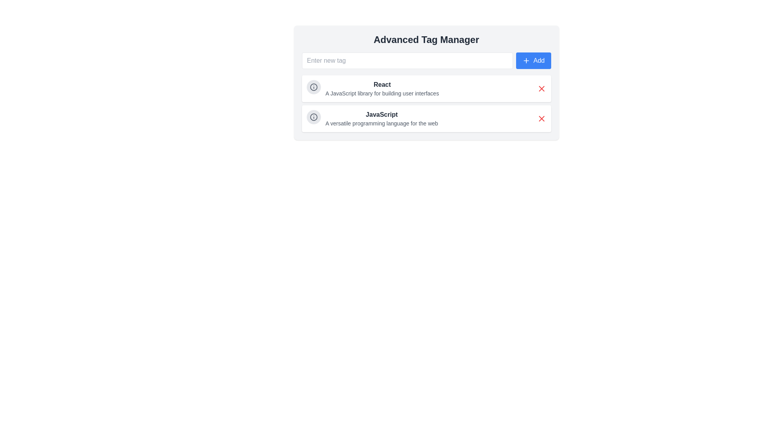 This screenshot has width=757, height=426. I want to click on the second informational list item about 'JavaScript', so click(372, 118).